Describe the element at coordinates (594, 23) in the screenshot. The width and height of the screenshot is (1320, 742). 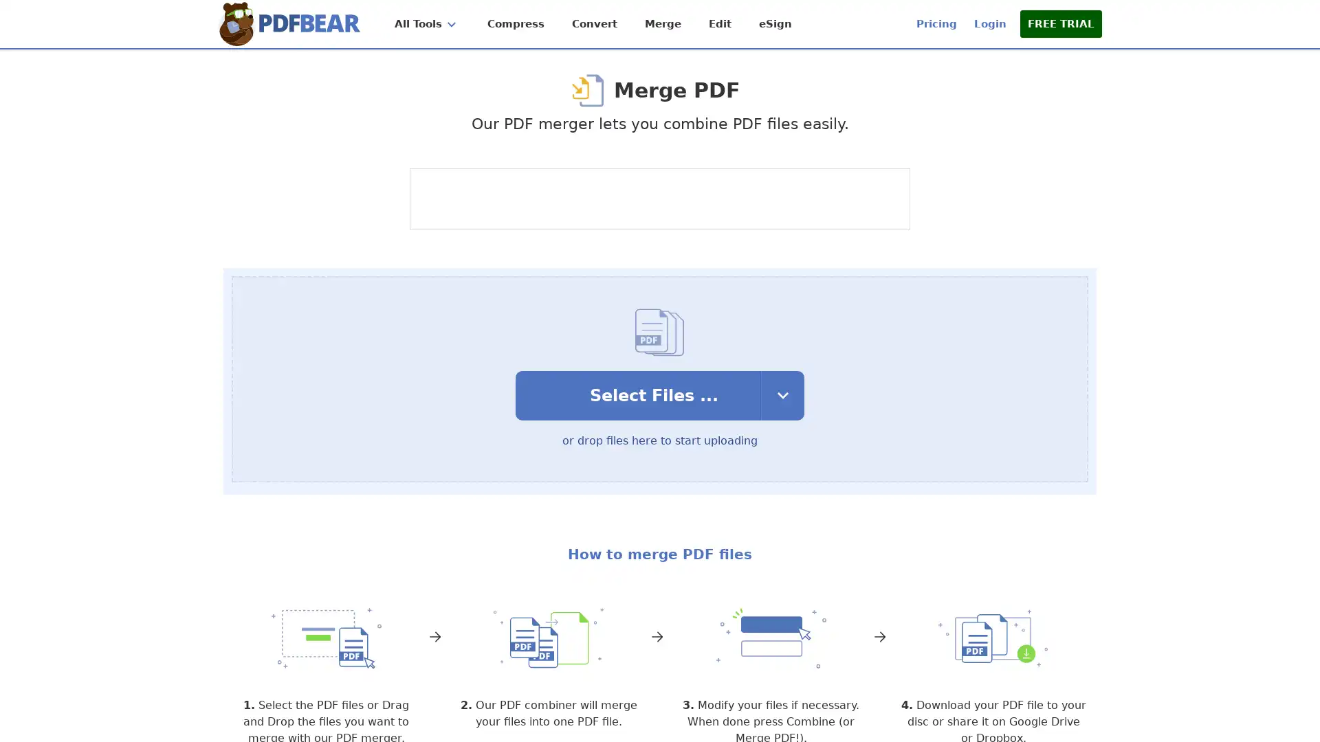
I see `Convert` at that location.